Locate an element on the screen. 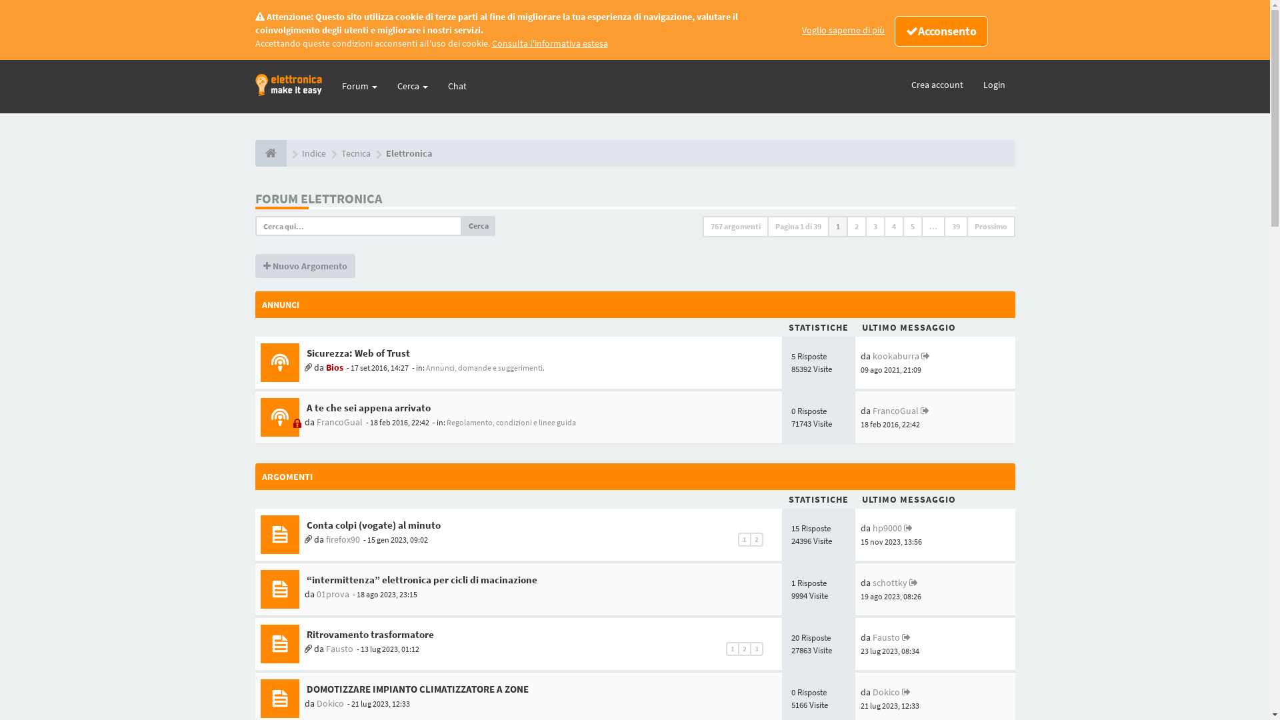 This screenshot has width=1280, height=720. 'Cerca ' is located at coordinates (411, 85).